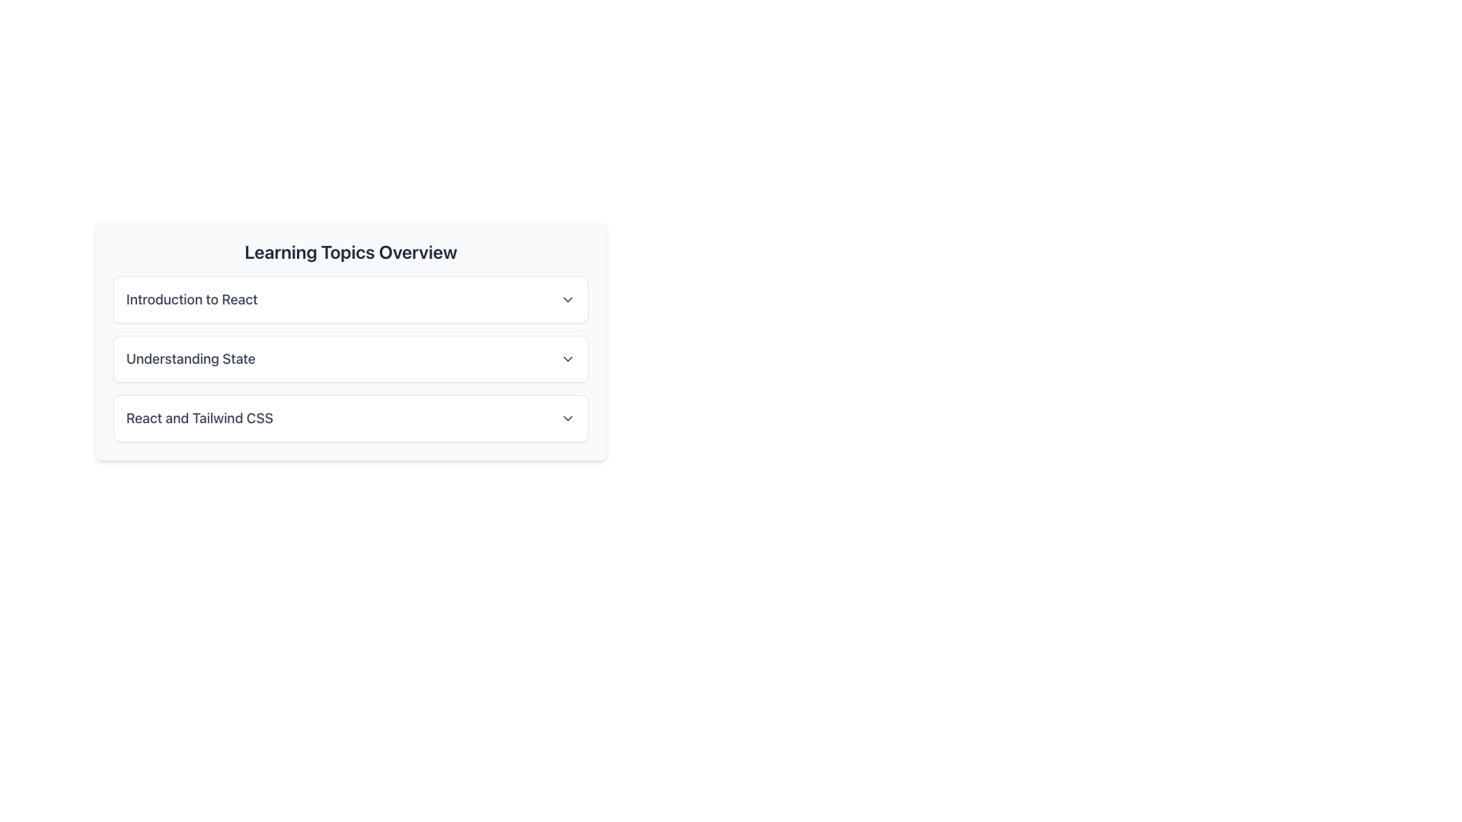 Image resolution: width=1462 pixels, height=822 pixels. I want to click on the static text label that identifies the section related to 'Understanding State', positioned as the second item in a vertical list of labeled sections, so click(190, 358).